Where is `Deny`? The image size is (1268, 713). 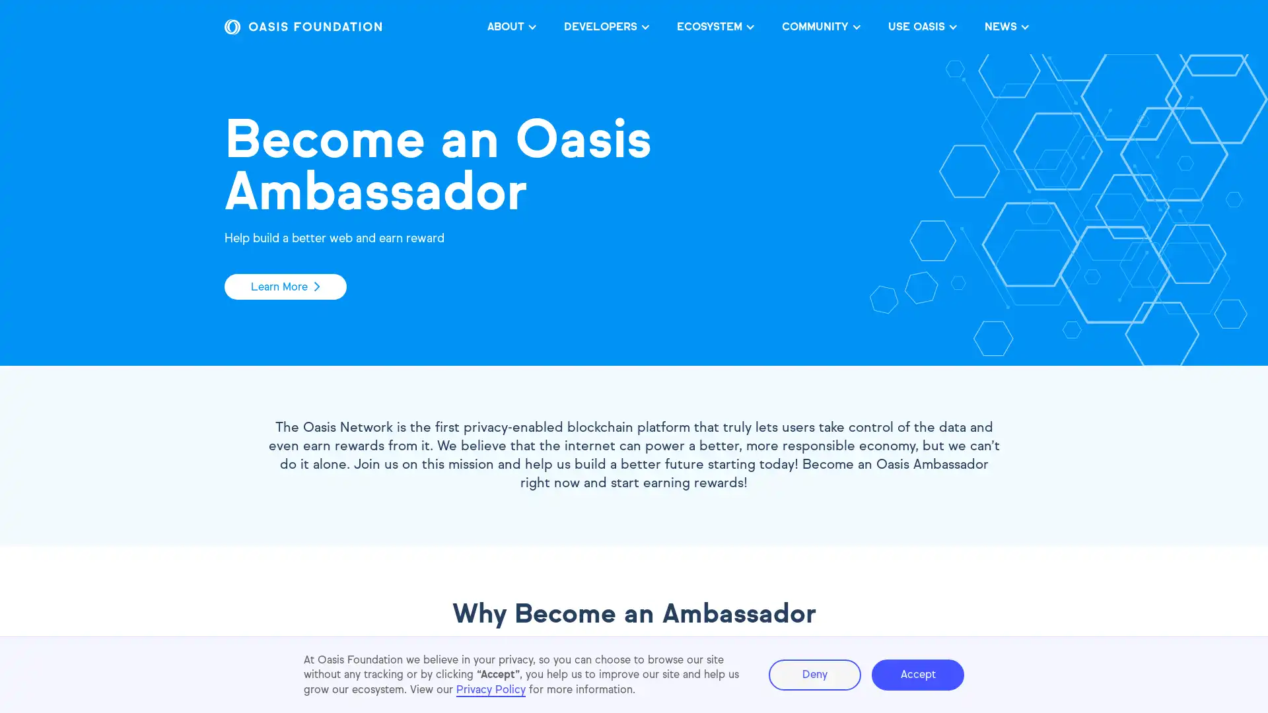
Deny is located at coordinates (814, 675).